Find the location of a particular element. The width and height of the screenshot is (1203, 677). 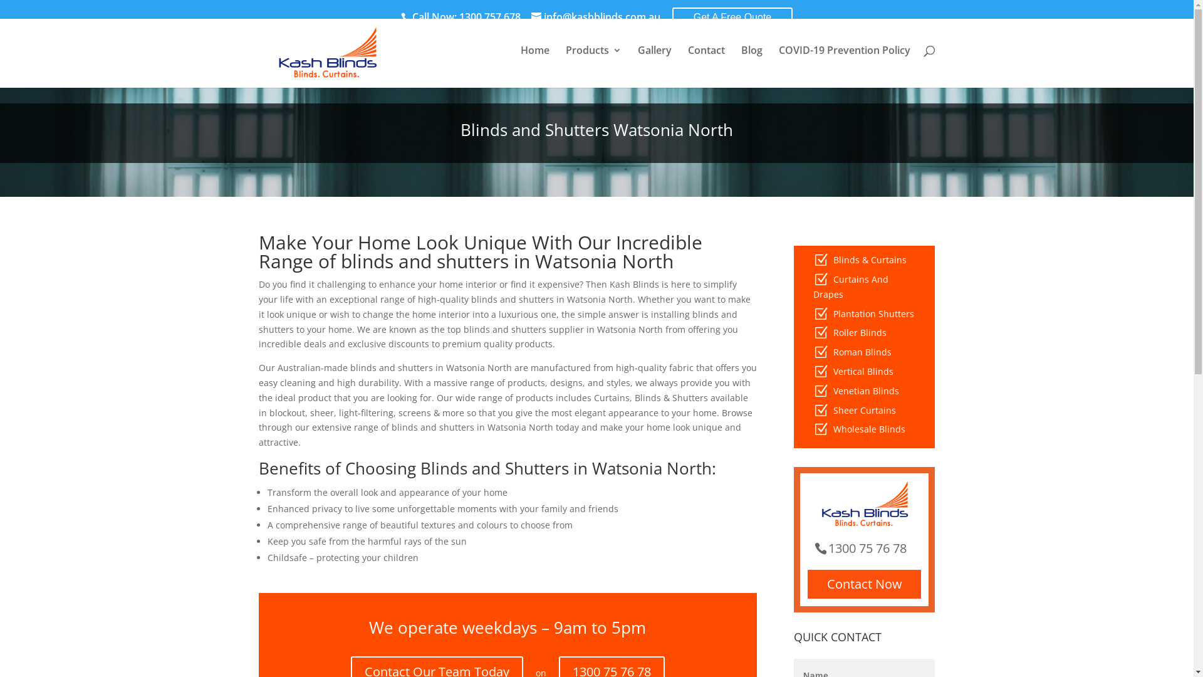

'Roller Blinds' is located at coordinates (859, 332).